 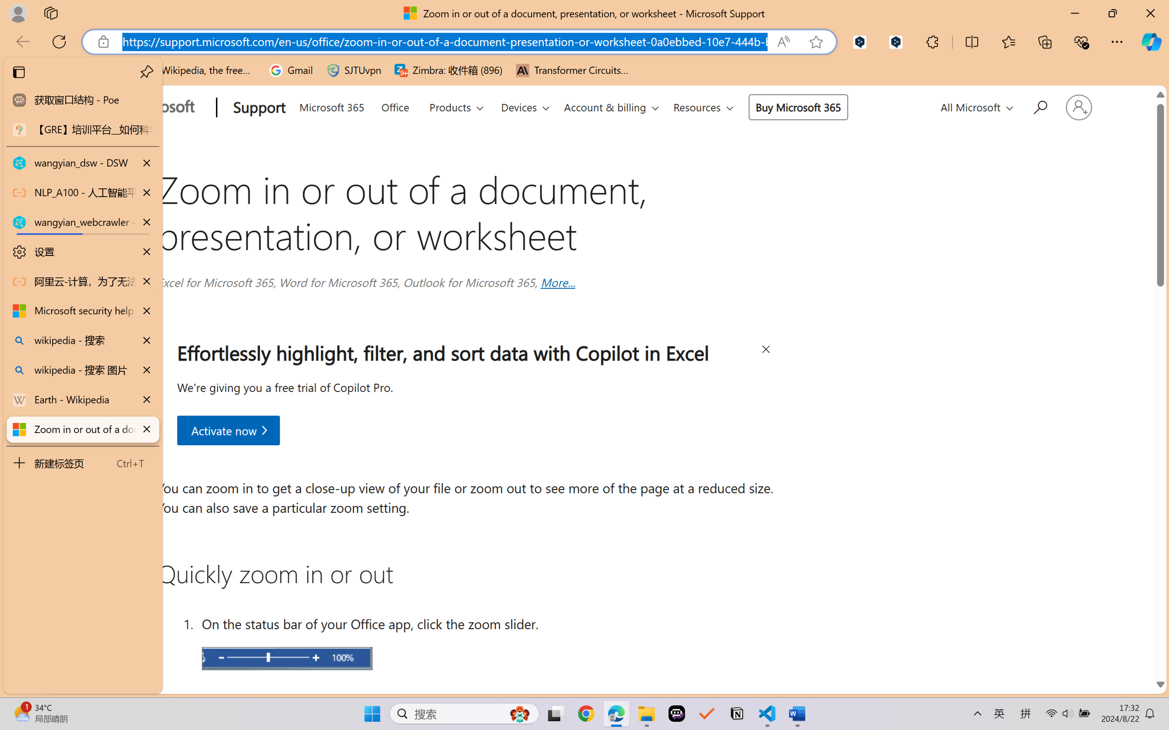 I want to click on 'Microsoft', so click(x=153, y=108).